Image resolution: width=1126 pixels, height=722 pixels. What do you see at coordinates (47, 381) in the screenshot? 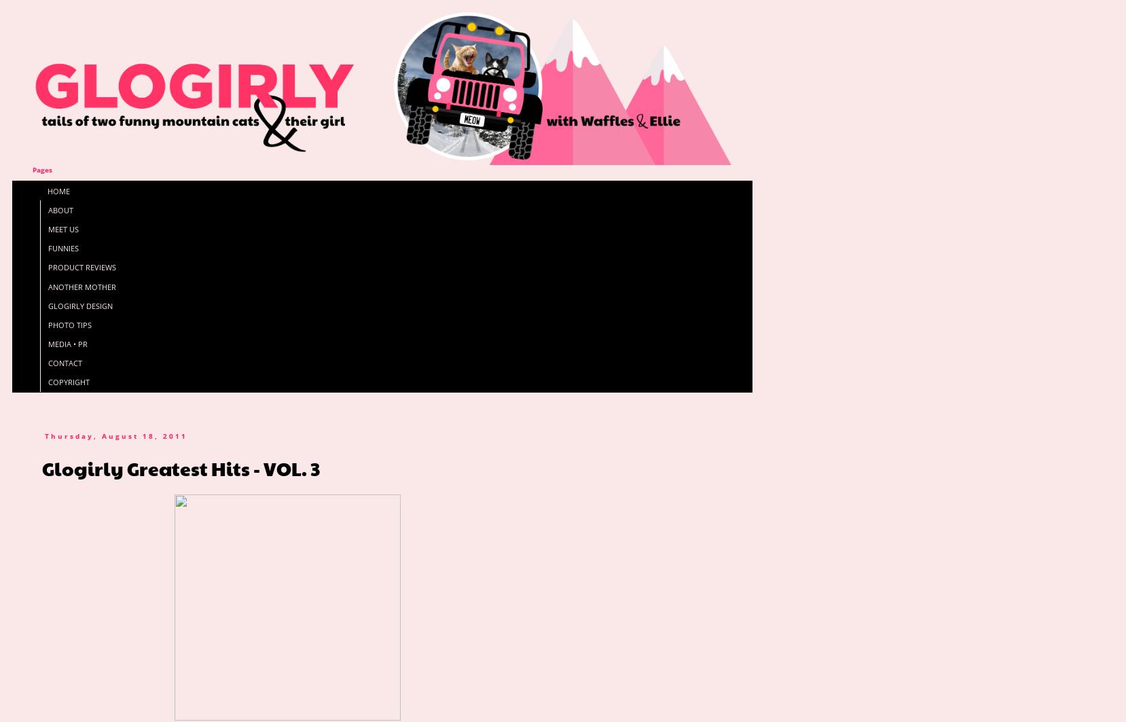
I see `'COPYRIGHT'` at bounding box center [47, 381].